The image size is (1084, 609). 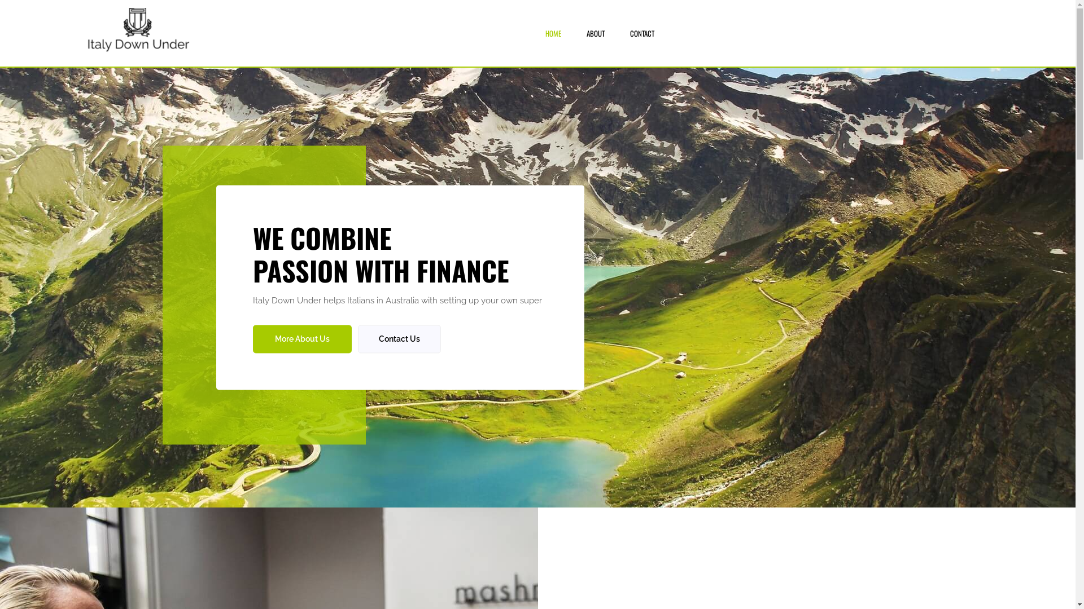 I want to click on 'Contact Us', so click(x=399, y=338).